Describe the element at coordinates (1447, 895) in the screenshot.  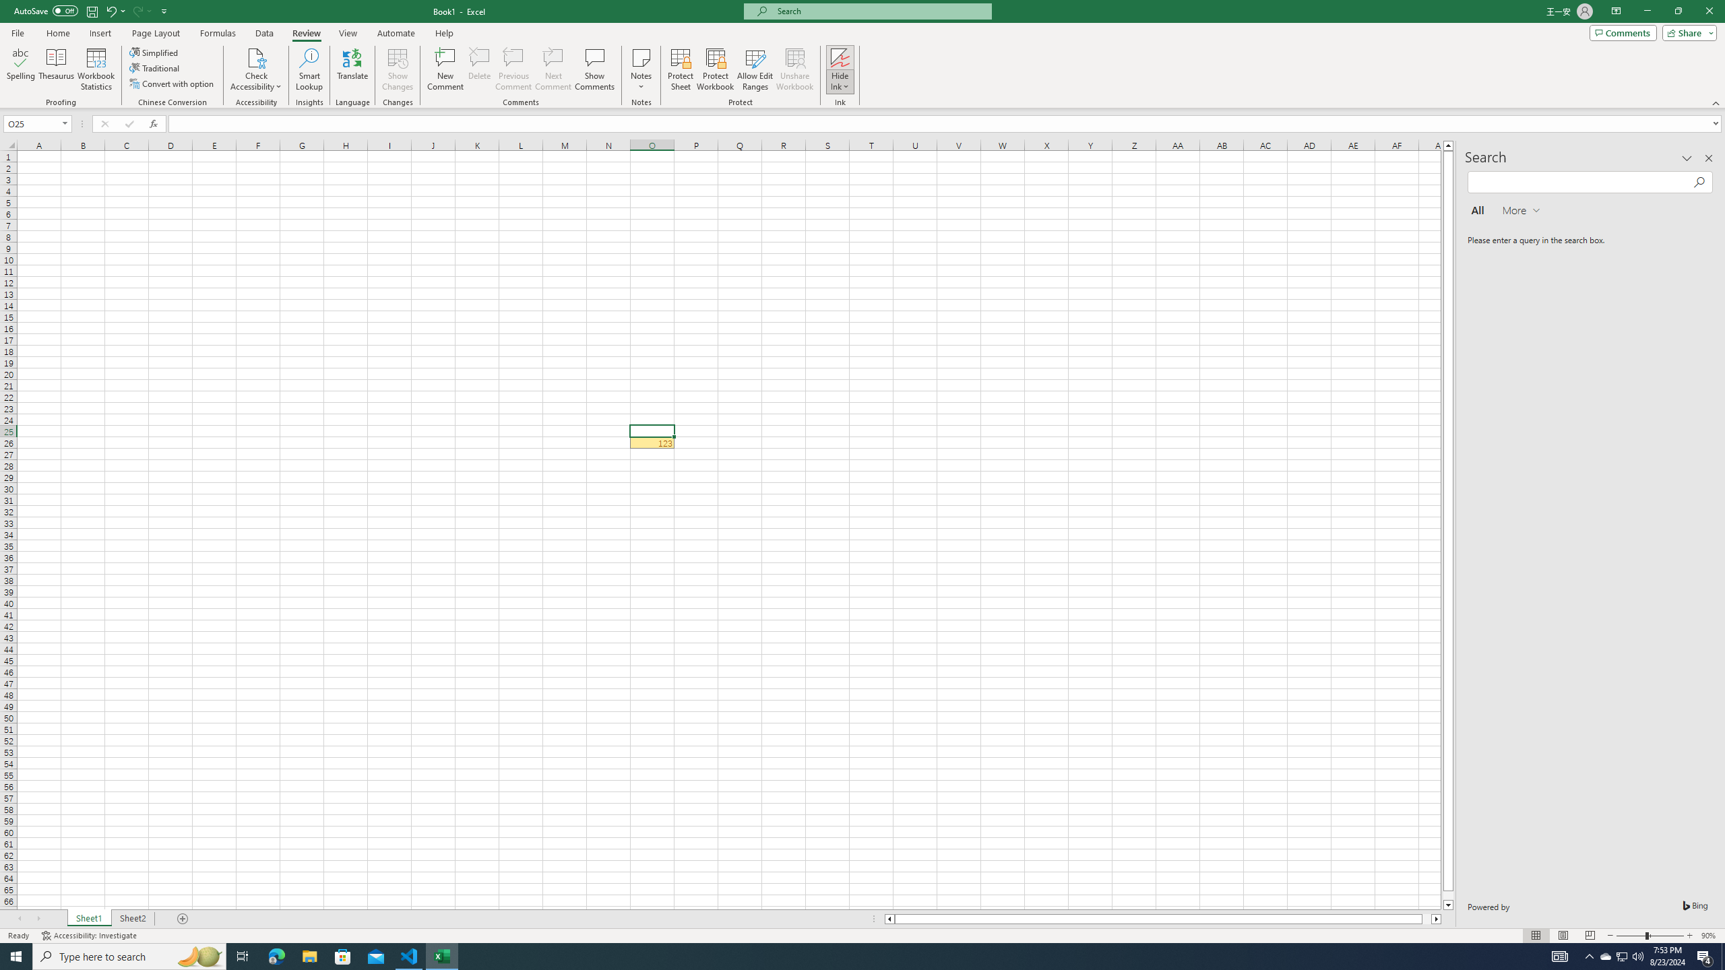
I see `'Page down'` at that location.